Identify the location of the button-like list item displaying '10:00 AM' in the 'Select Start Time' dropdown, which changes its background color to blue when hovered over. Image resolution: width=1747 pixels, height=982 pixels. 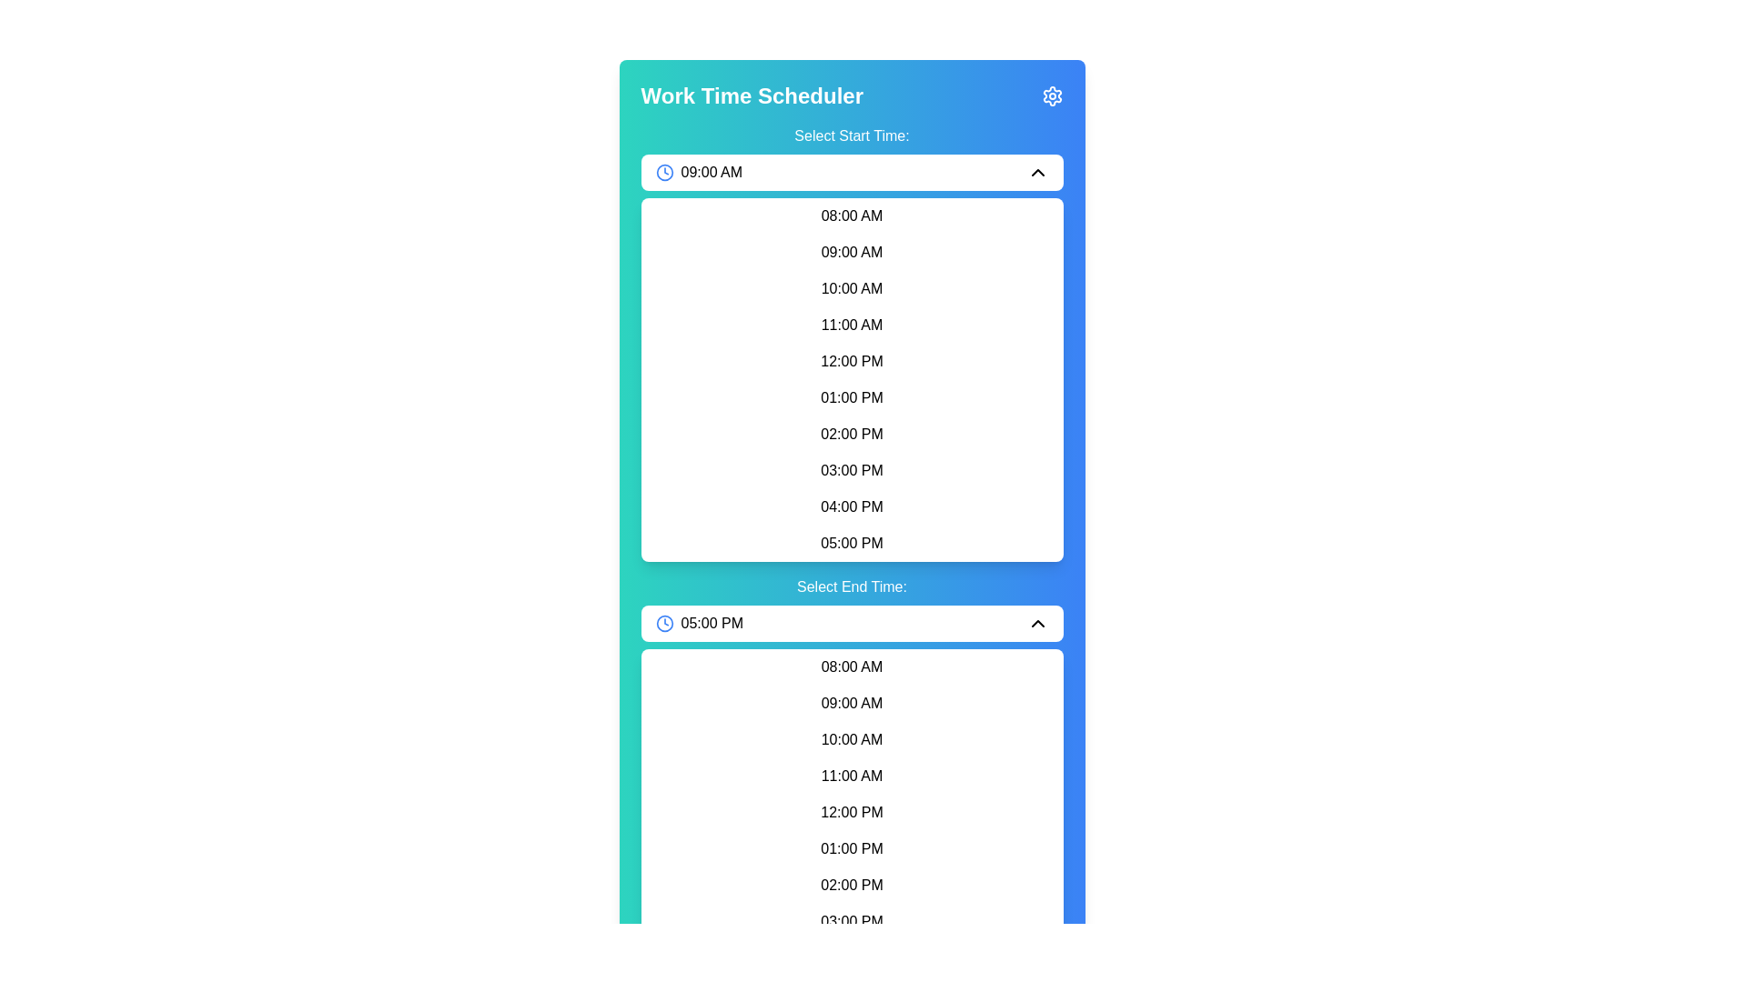
(851, 287).